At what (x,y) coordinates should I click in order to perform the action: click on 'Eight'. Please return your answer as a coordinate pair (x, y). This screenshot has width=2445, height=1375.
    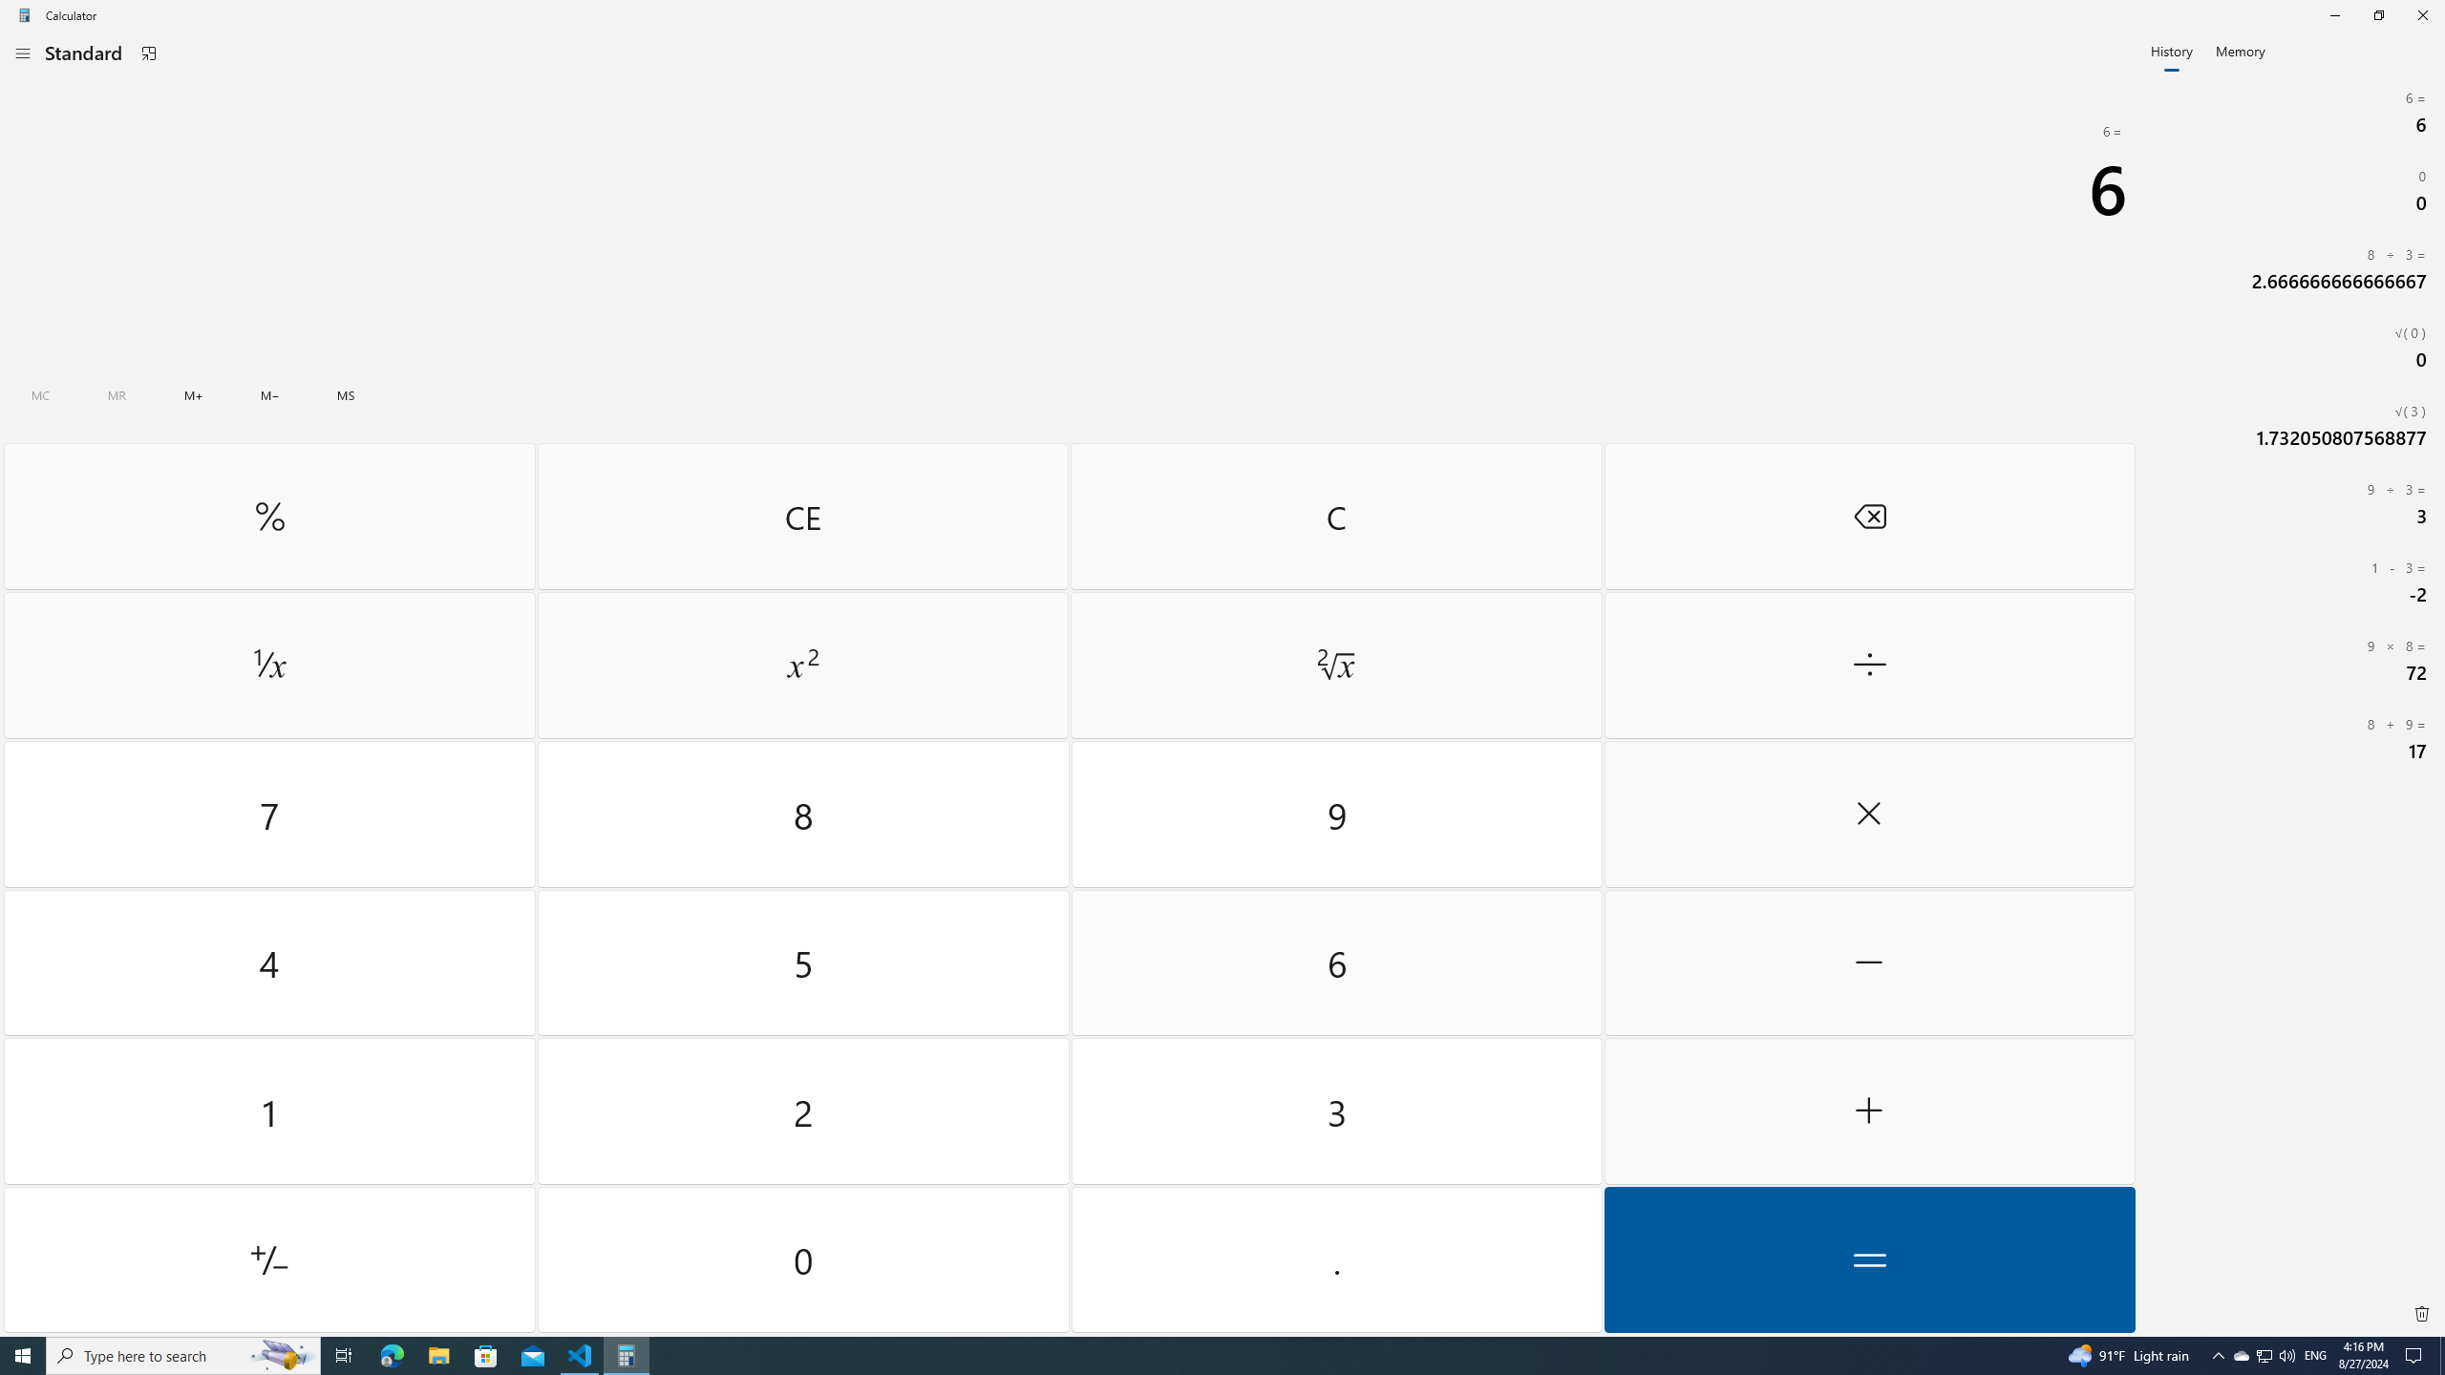
    Looking at the image, I should click on (803, 814).